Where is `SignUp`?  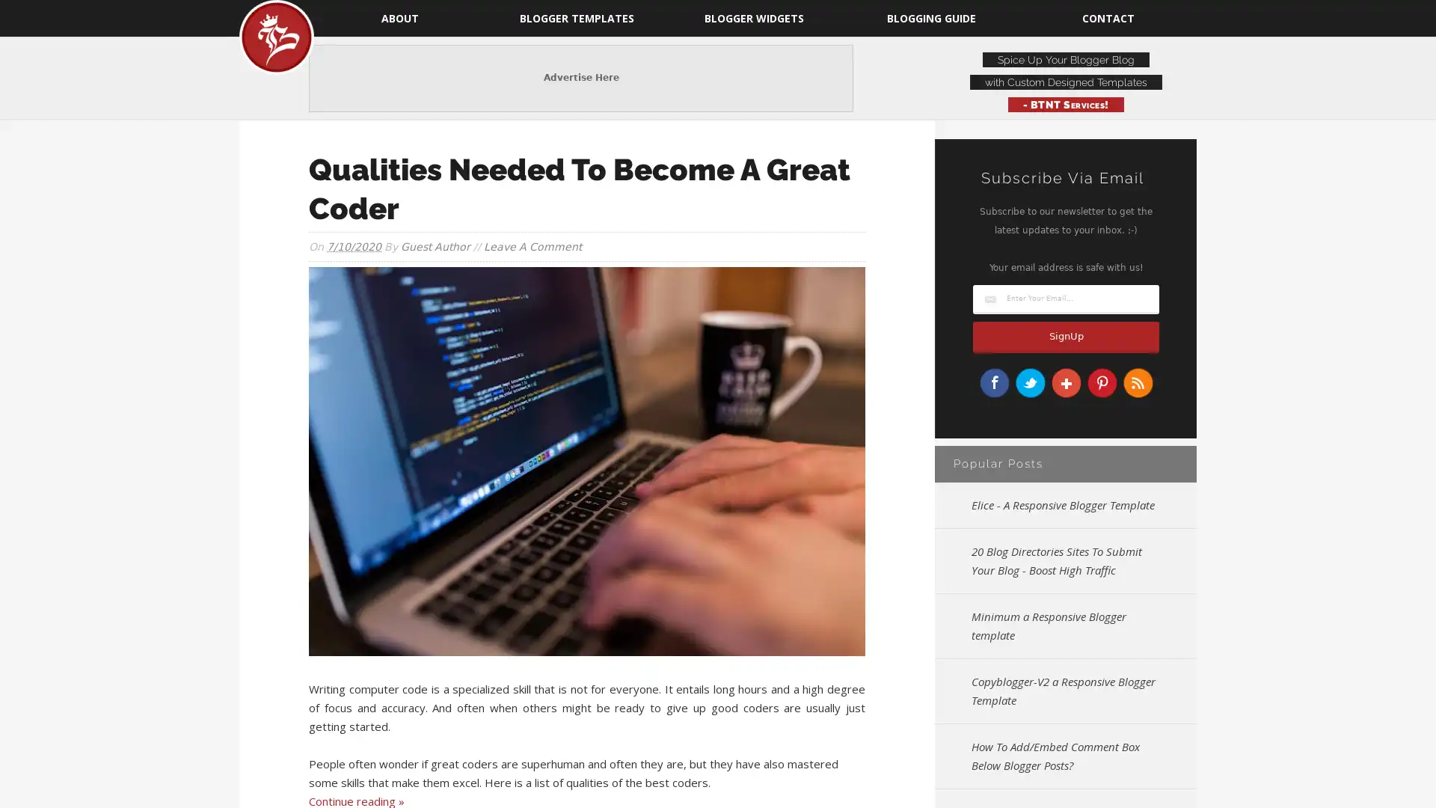 SignUp is located at coordinates (1065, 337).